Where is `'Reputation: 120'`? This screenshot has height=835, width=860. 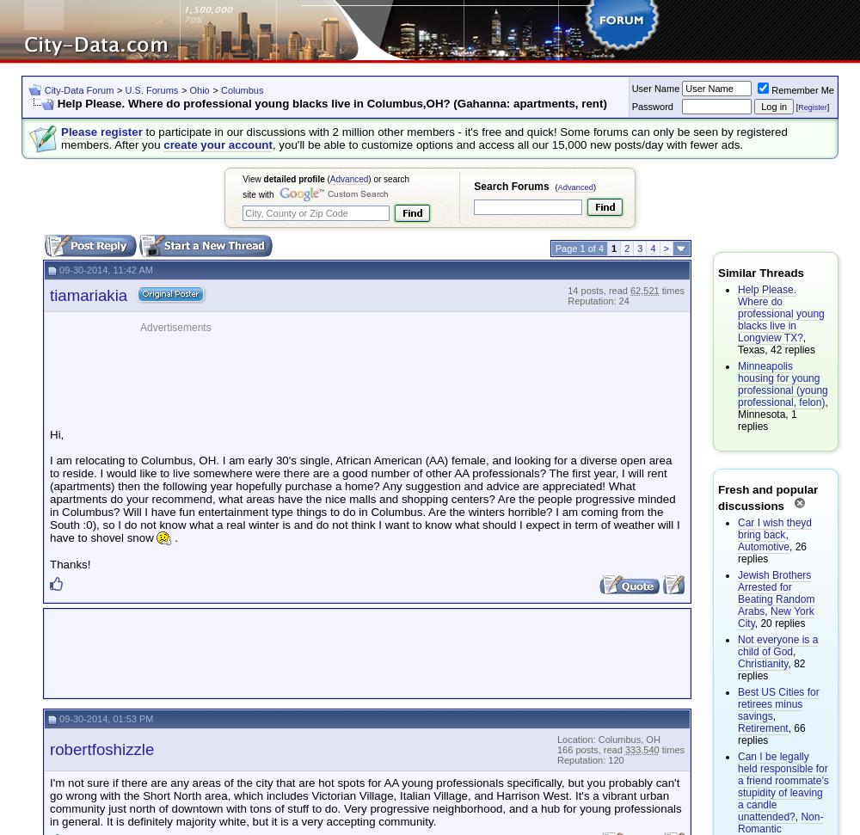 'Reputation: 120' is located at coordinates (590, 759).